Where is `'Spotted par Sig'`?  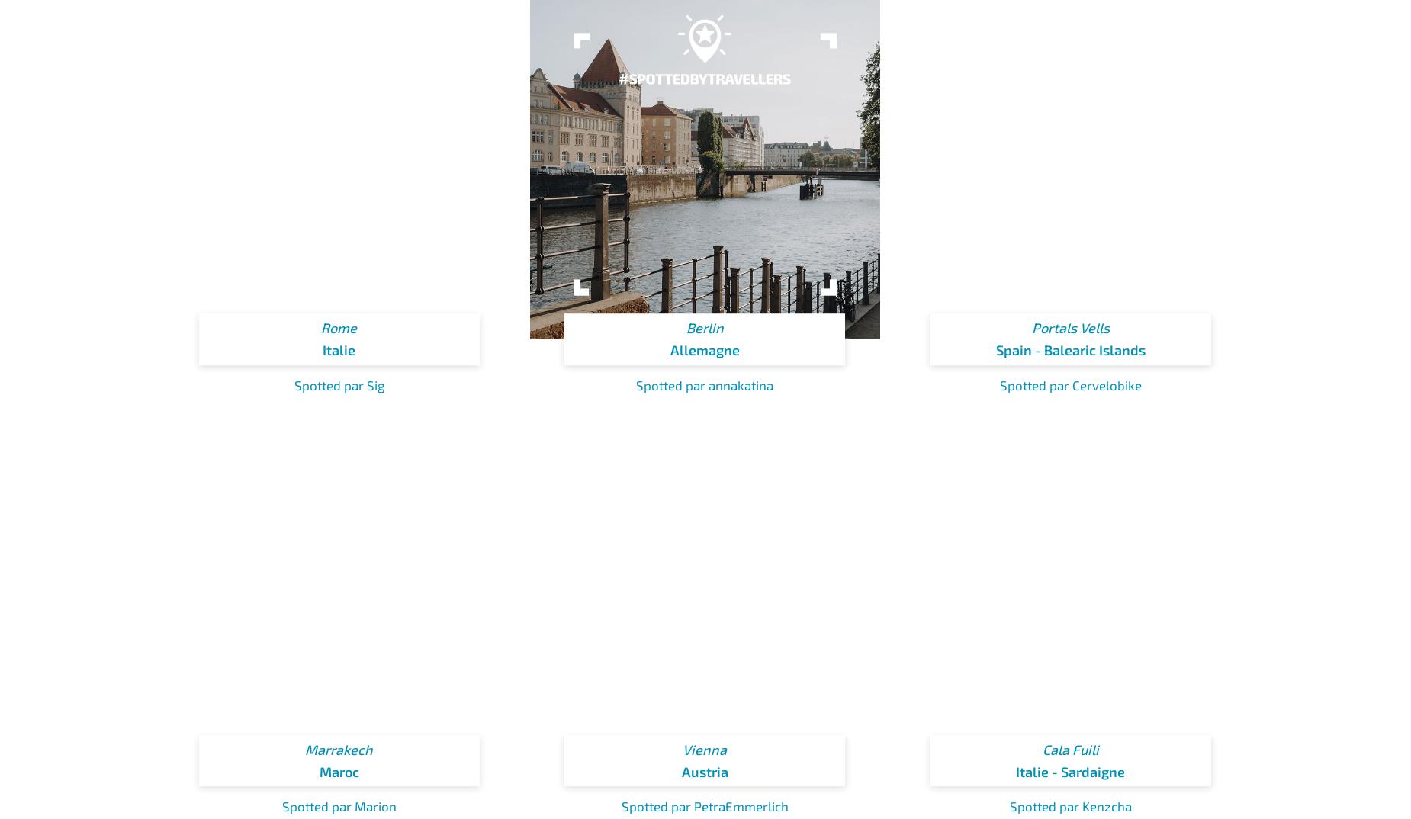
'Spotted par Sig' is located at coordinates (338, 384).